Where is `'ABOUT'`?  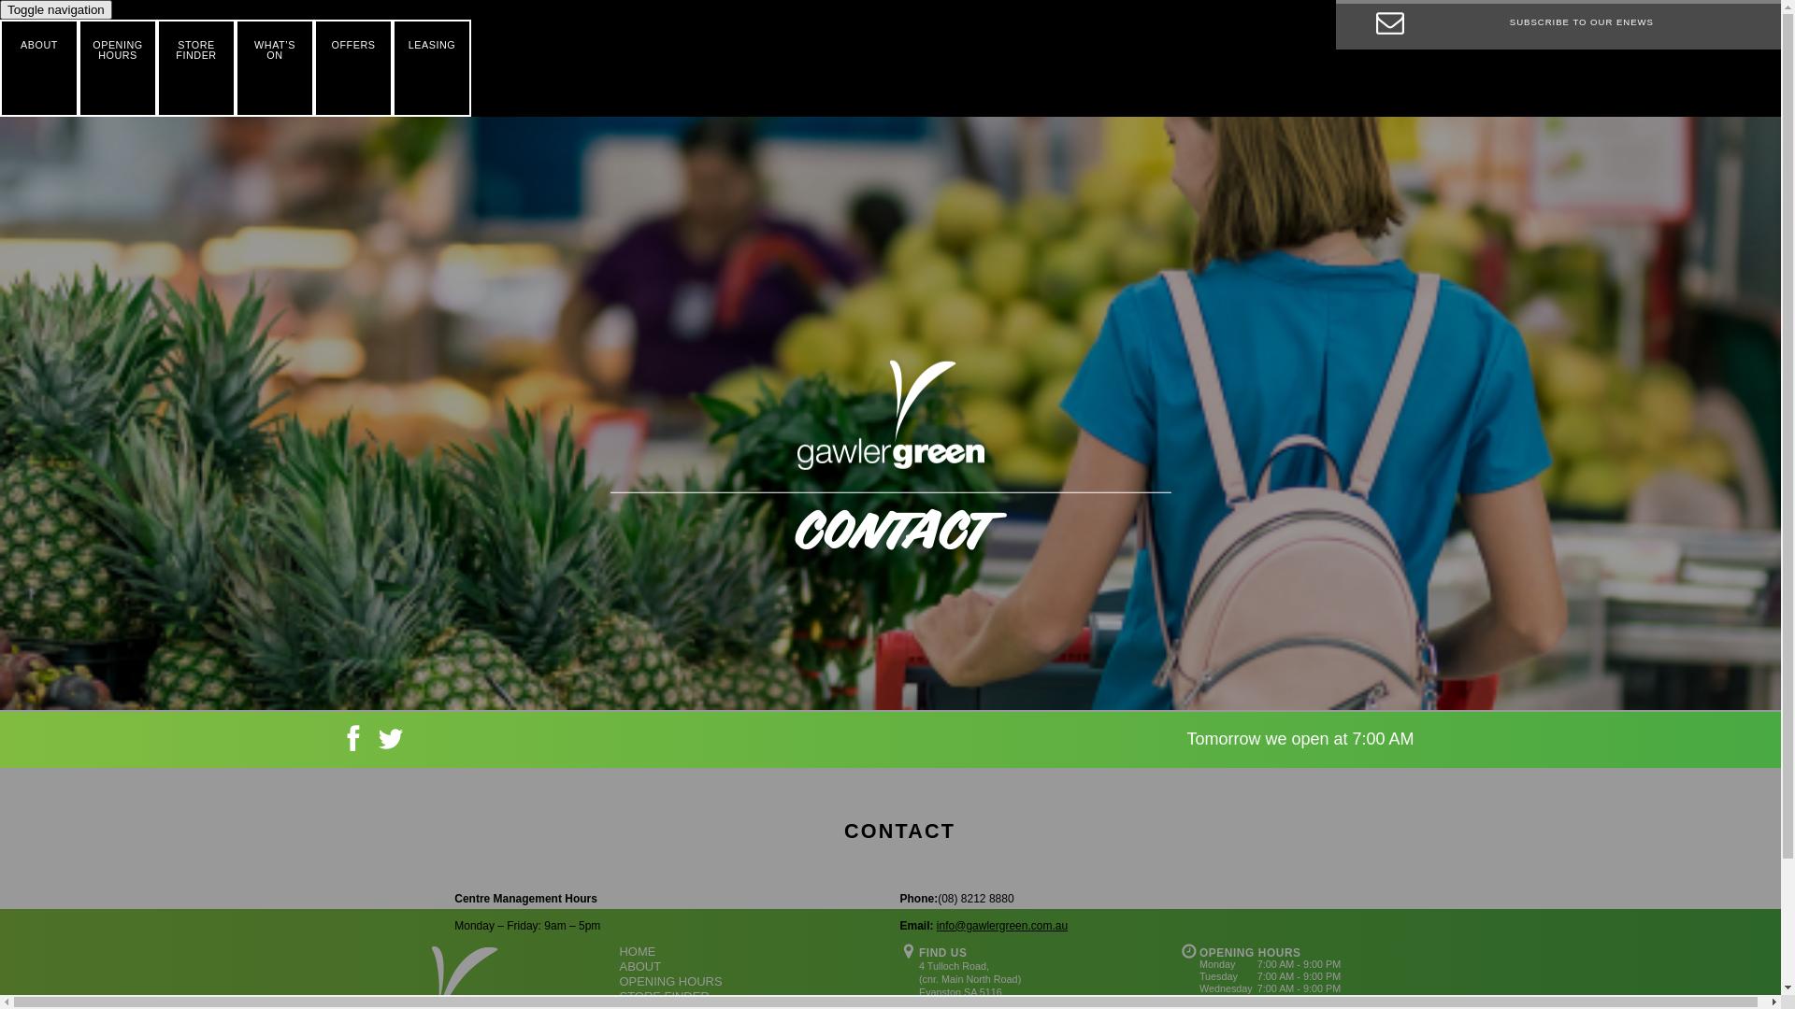 'ABOUT' is located at coordinates (619, 966).